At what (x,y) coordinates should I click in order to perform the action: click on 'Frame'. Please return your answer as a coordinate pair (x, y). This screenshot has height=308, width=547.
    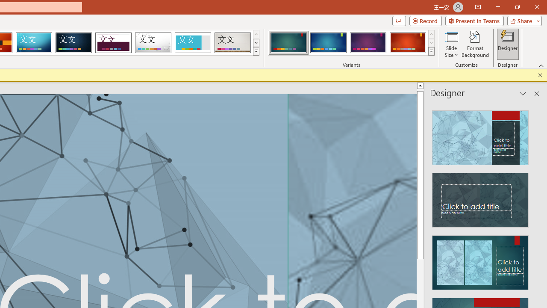
    Looking at the image, I should click on (192, 43).